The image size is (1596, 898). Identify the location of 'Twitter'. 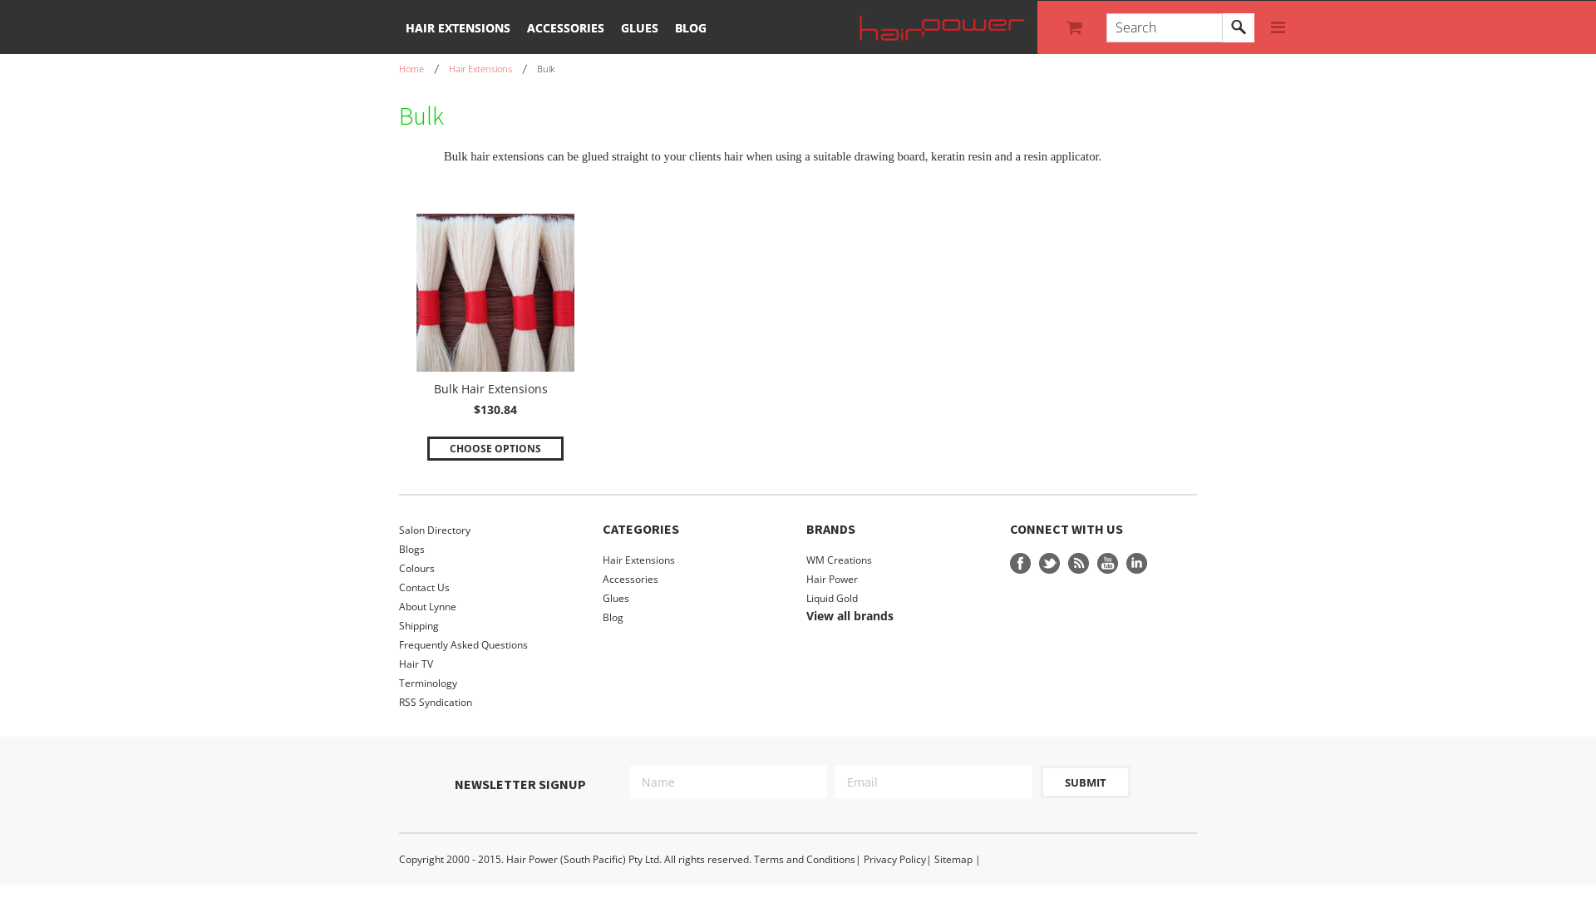
(1048, 562).